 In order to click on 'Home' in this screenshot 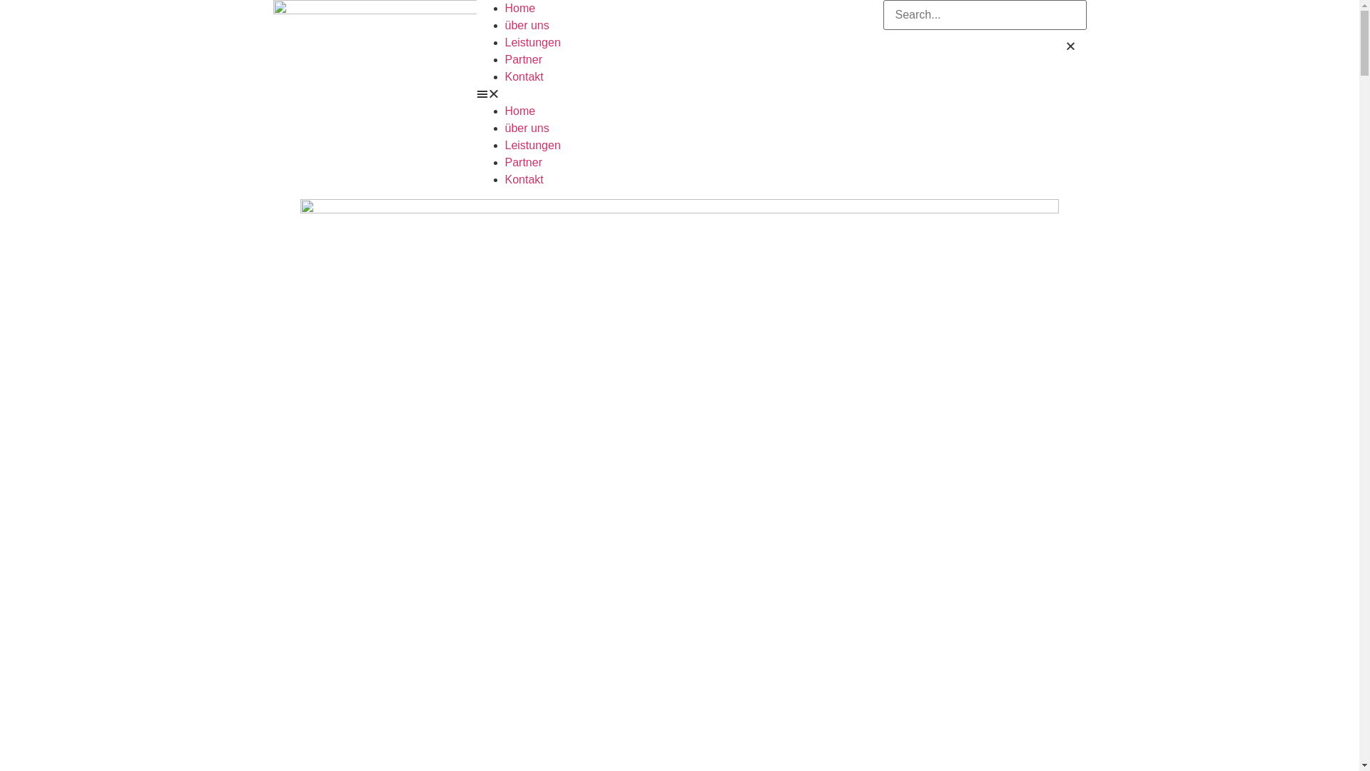, I will do `click(519, 110)`.